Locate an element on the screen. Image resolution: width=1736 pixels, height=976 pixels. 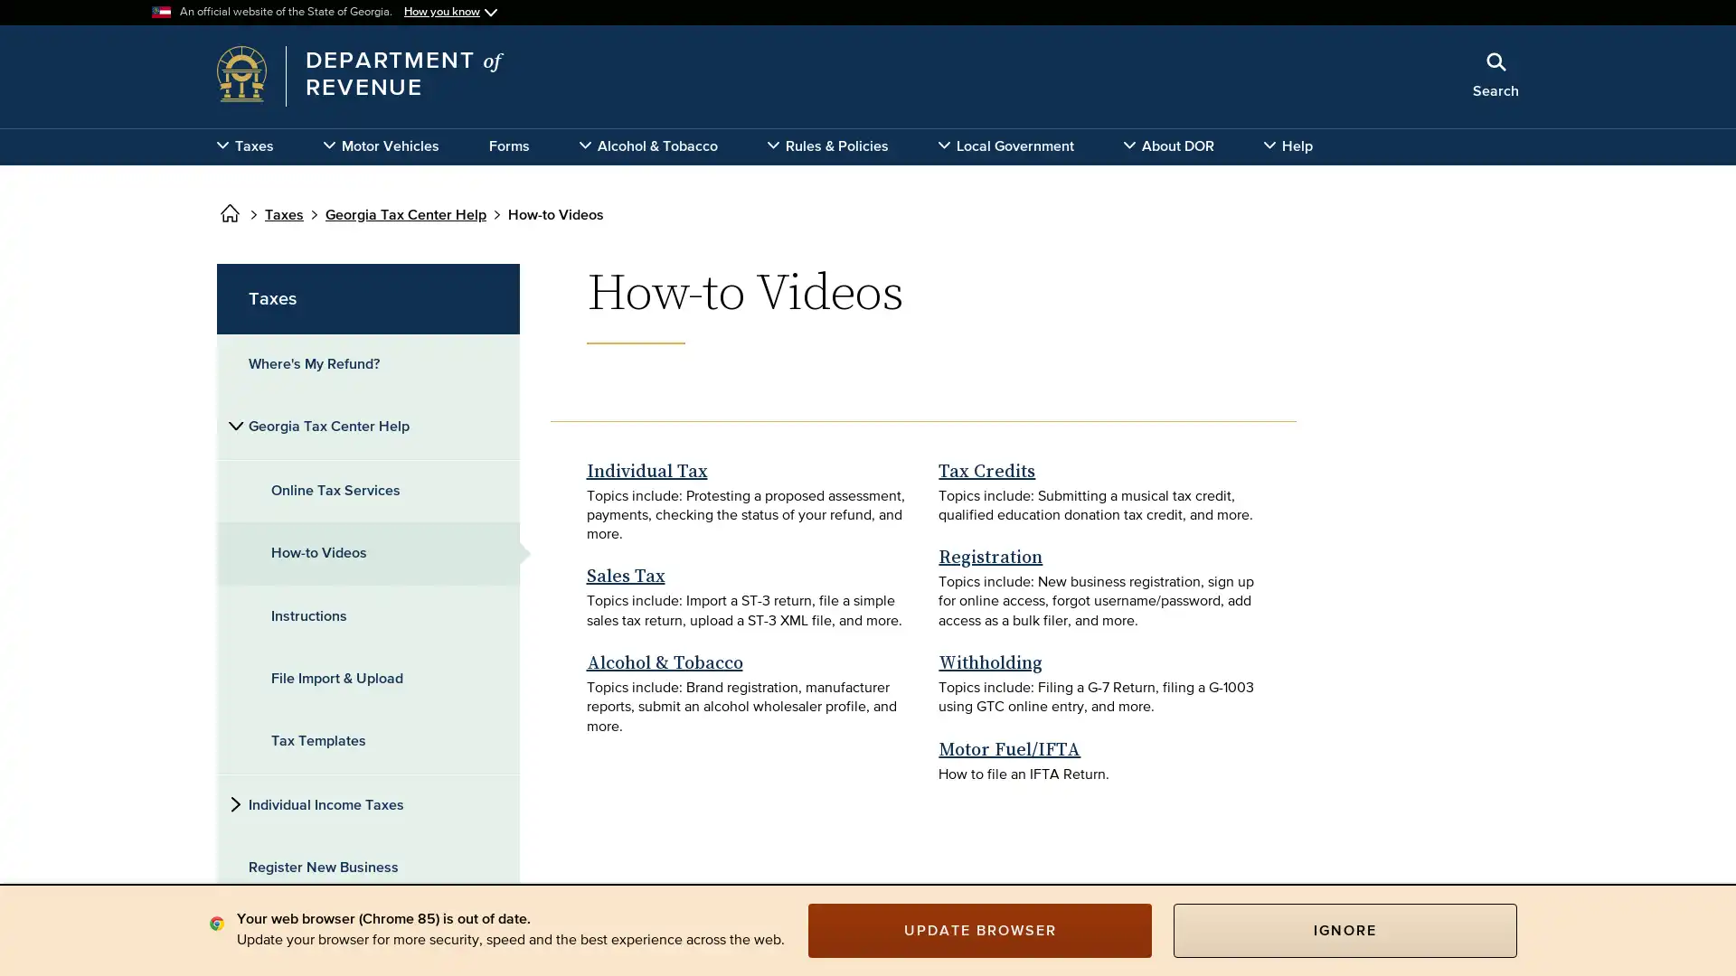
Side subnavigation toggle for 'Individual Income Taxes' is located at coordinates (234, 806).